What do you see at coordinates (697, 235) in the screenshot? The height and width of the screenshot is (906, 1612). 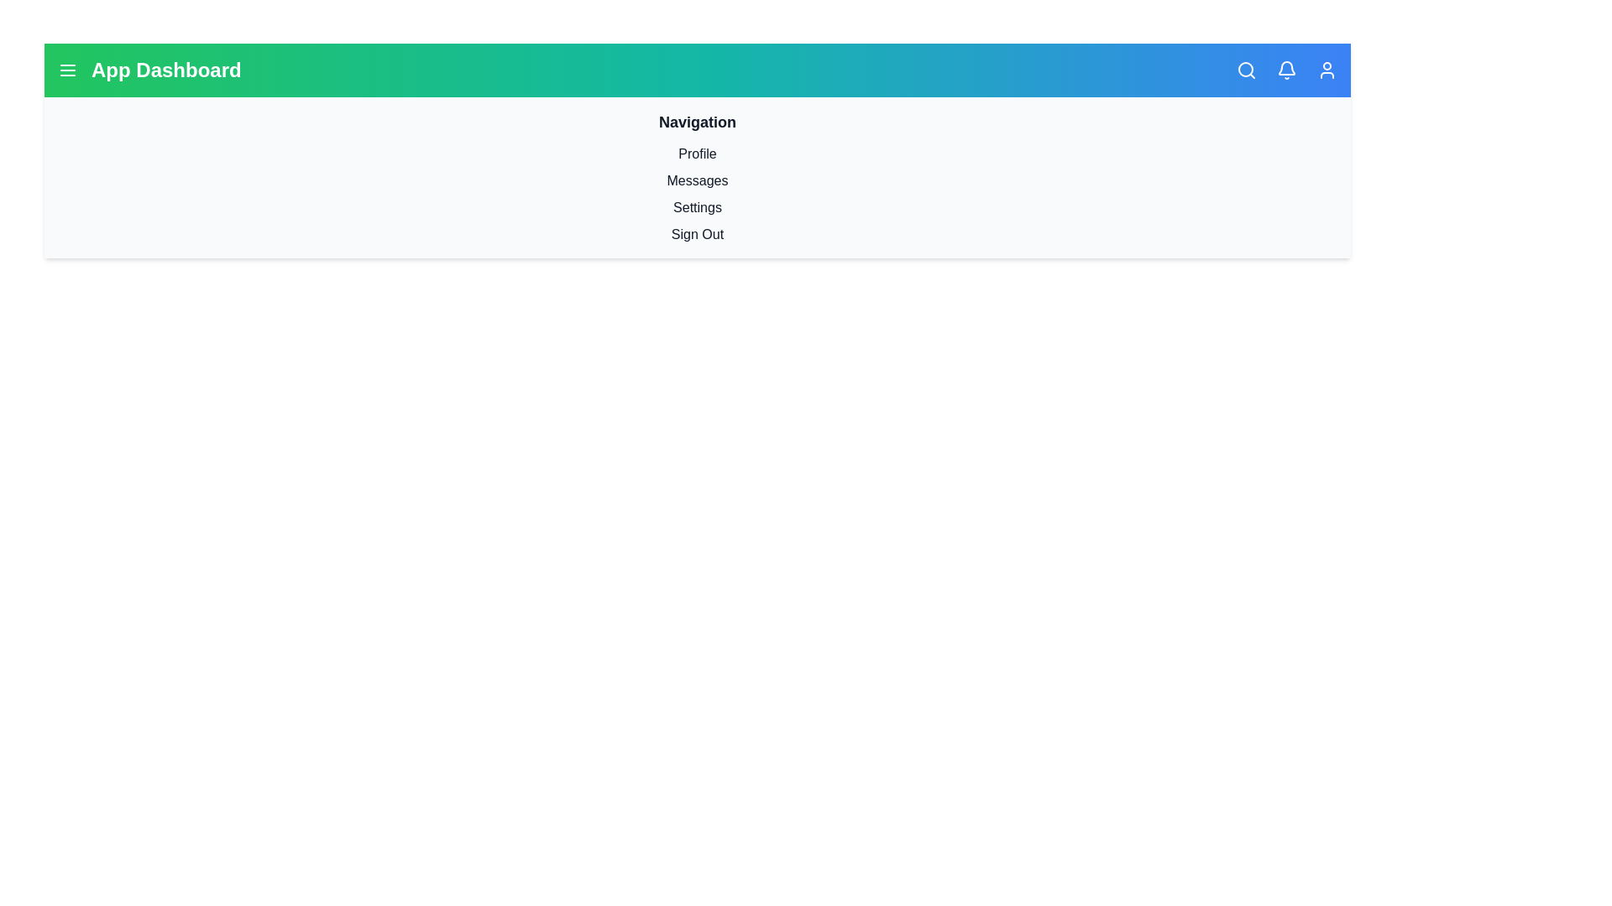 I see `the menu item labeled Sign Out to navigate to the respective section` at bounding box center [697, 235].